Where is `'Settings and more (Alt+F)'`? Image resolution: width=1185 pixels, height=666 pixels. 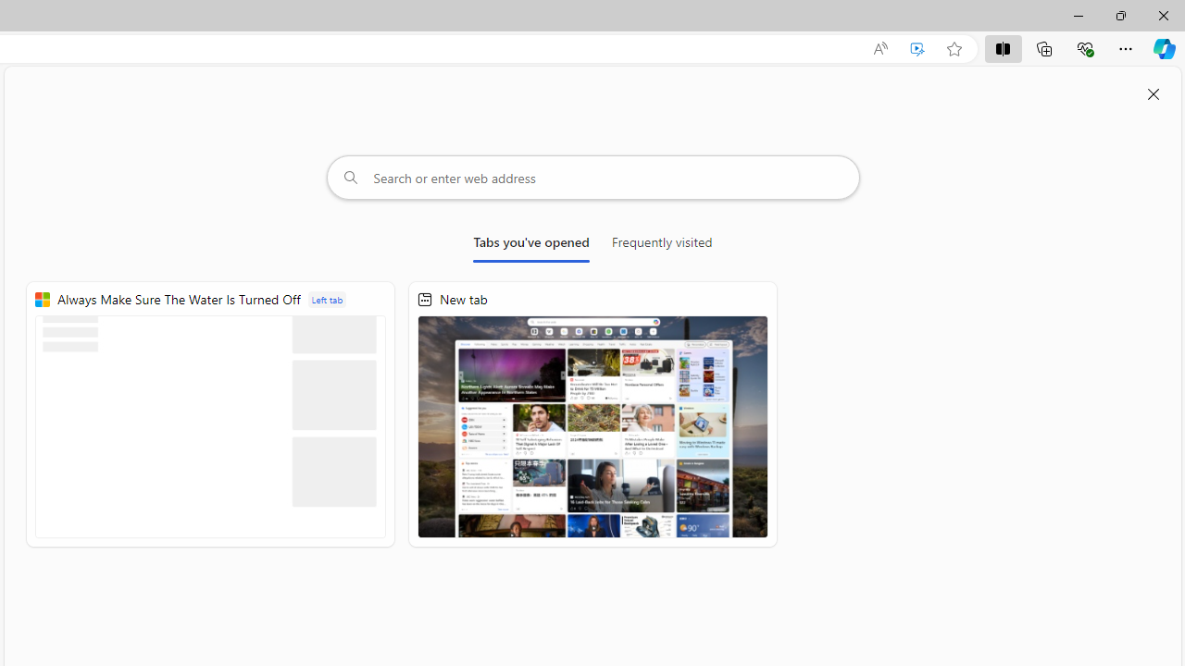
'Settings and more (Alt+F)' is located at coordinates (1125, 47).